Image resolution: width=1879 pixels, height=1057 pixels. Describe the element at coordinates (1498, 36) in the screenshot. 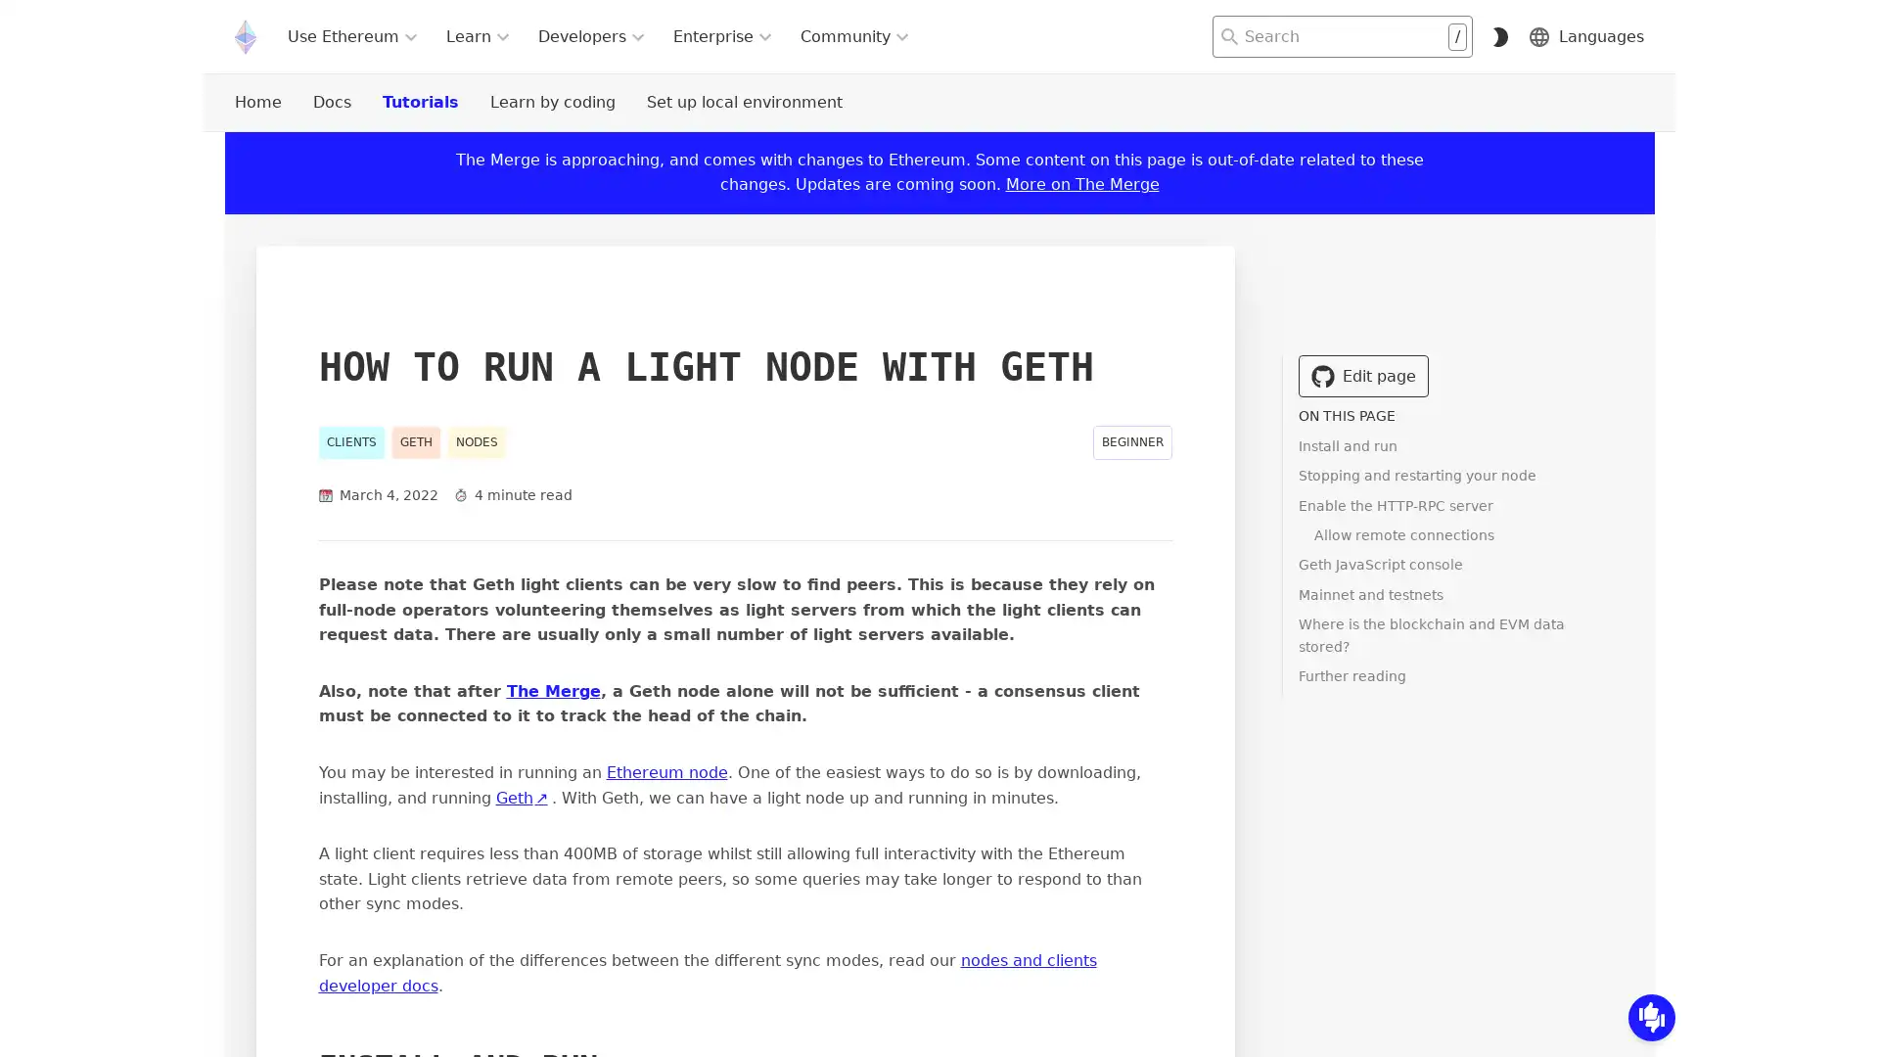

I see `Switch to Dark Theme` at that location.